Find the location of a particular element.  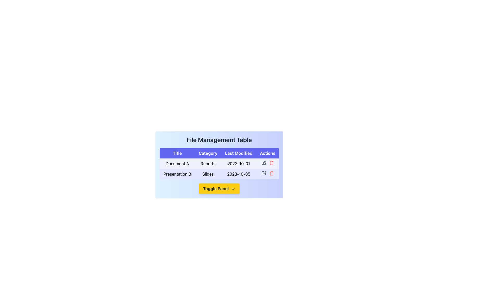

the Text label in the 'Category' column corresponding to 'Document A' in the file management table is located at coordinates (208, 163).